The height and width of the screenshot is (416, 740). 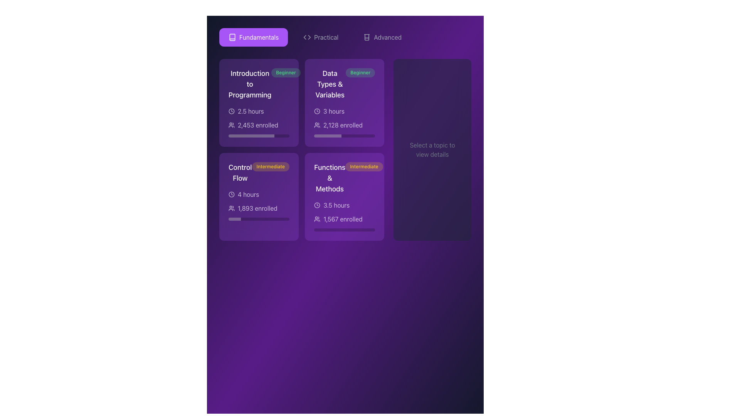 I want to click on the text label that communicates the approximate duration of the course module located under the title 'Control Flow' in the second card of the first row, so click(x=248, y=194).